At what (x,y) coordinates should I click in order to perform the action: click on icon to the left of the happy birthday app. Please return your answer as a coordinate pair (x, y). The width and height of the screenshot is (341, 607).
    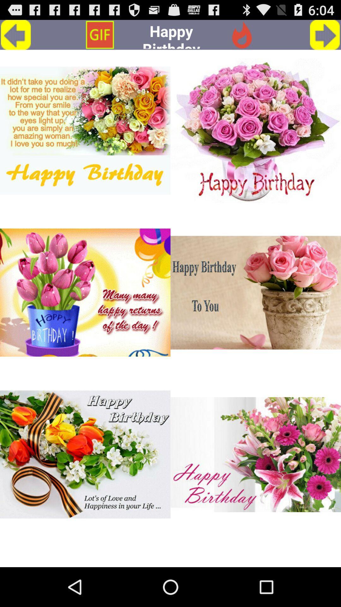
    Looking at the image, I should click on (99, 34).